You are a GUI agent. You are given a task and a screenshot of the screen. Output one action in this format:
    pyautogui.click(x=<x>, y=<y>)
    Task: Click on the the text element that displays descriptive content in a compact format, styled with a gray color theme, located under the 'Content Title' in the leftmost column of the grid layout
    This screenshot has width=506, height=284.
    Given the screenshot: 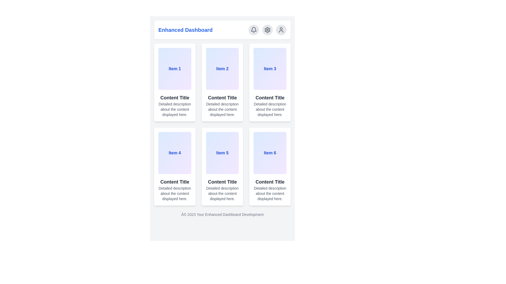 What is the action you would take?
    pyautogui.click(x=175, y=109)
    